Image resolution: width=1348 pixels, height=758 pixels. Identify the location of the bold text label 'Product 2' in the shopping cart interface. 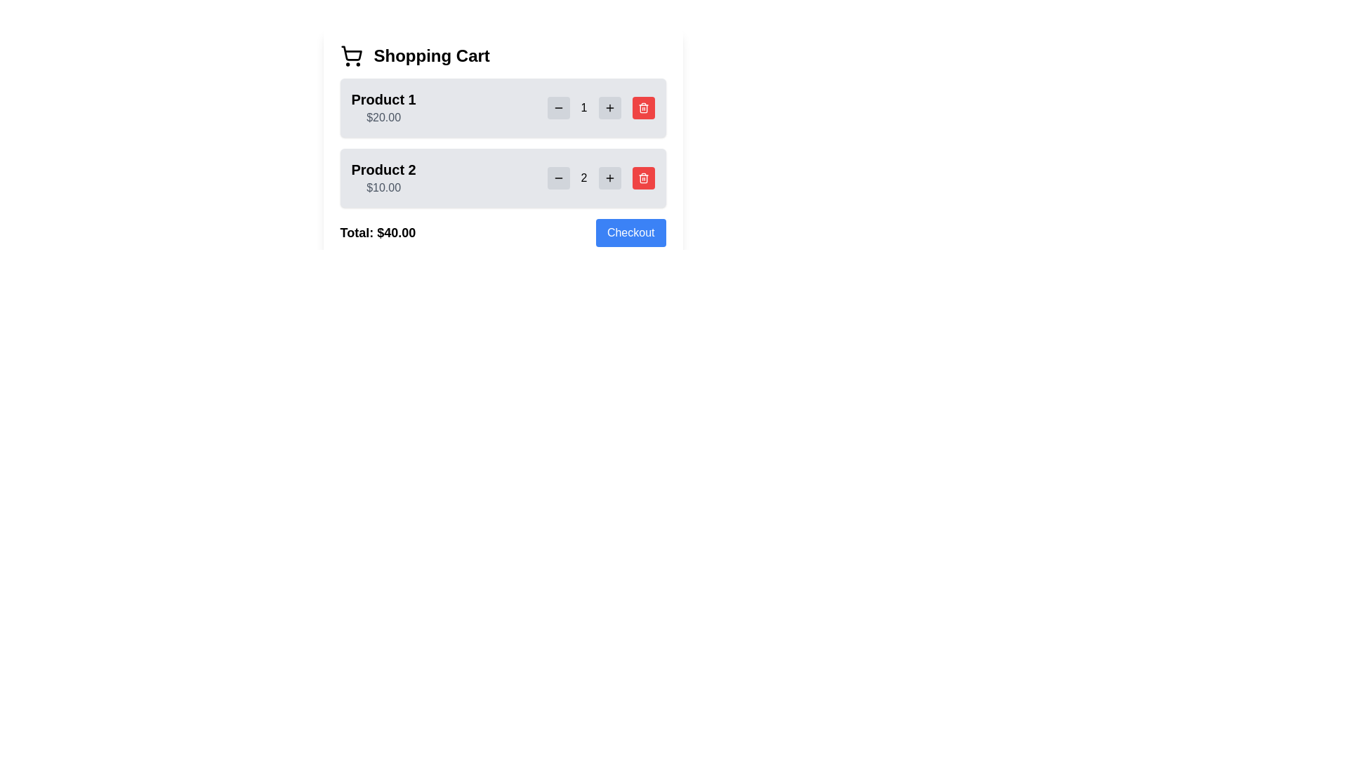
(383, 169).